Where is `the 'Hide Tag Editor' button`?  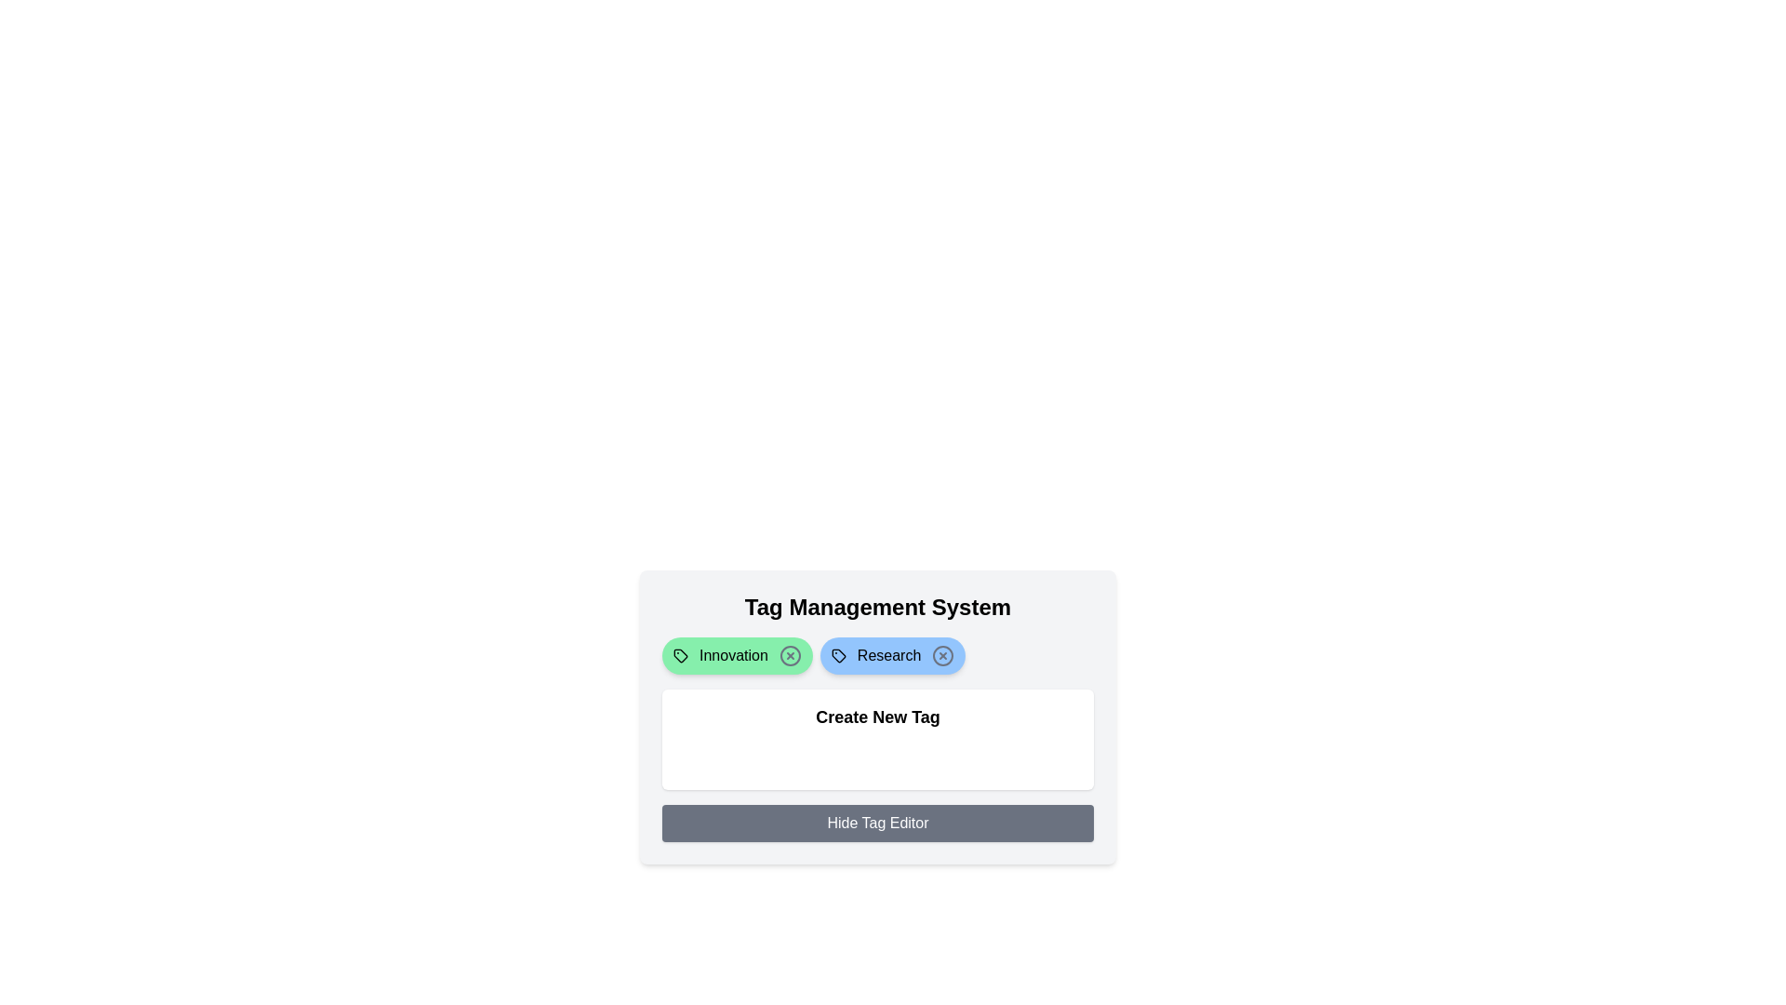 the 'Hide Tag Editor' button is located at coordinates (877, 822).